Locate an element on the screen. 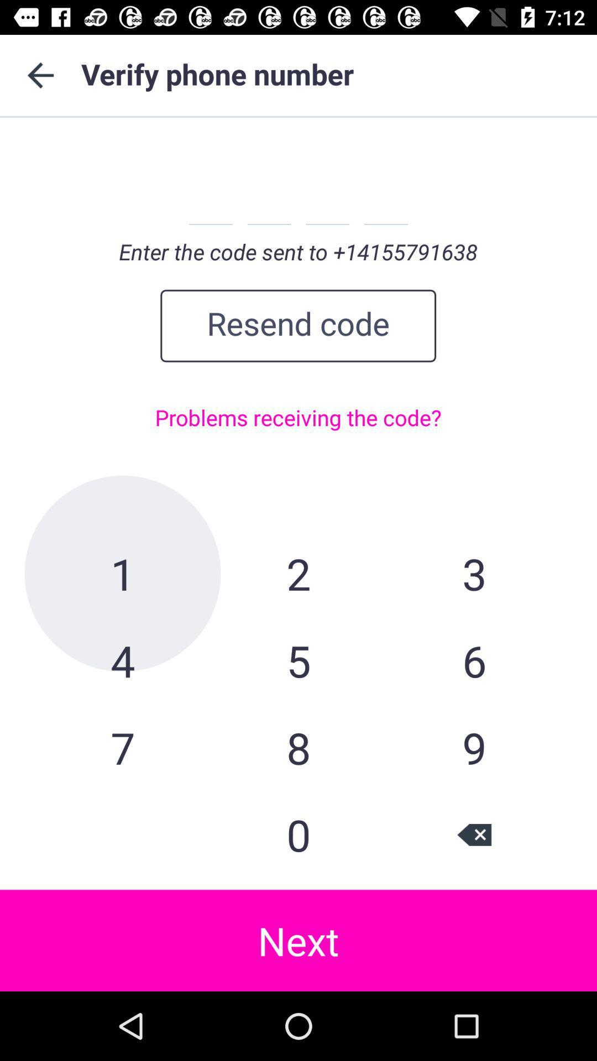 This screenshot has width=597, height=1061. the button resend code on the web page is located at coordinates (297, 325).